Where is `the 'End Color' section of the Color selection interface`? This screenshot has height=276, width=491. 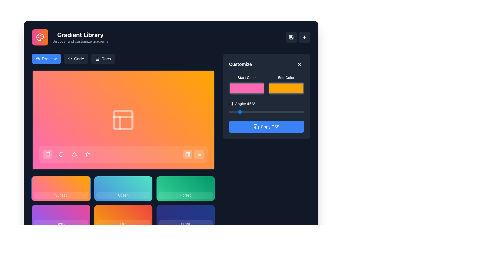
the 'End Color' section of the Color selection interface is located at coordinates (266, 85).